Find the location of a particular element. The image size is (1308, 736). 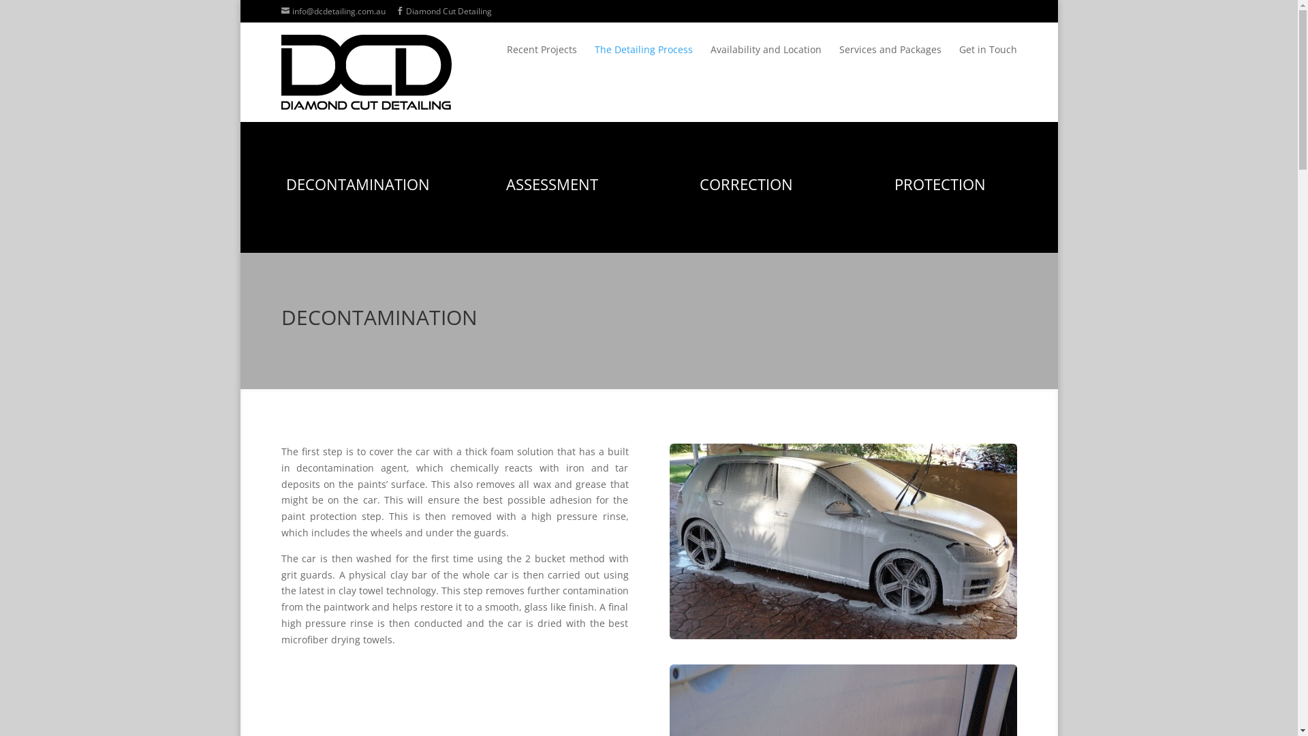

'Services and Packages' is located at coordinates (839, 59).